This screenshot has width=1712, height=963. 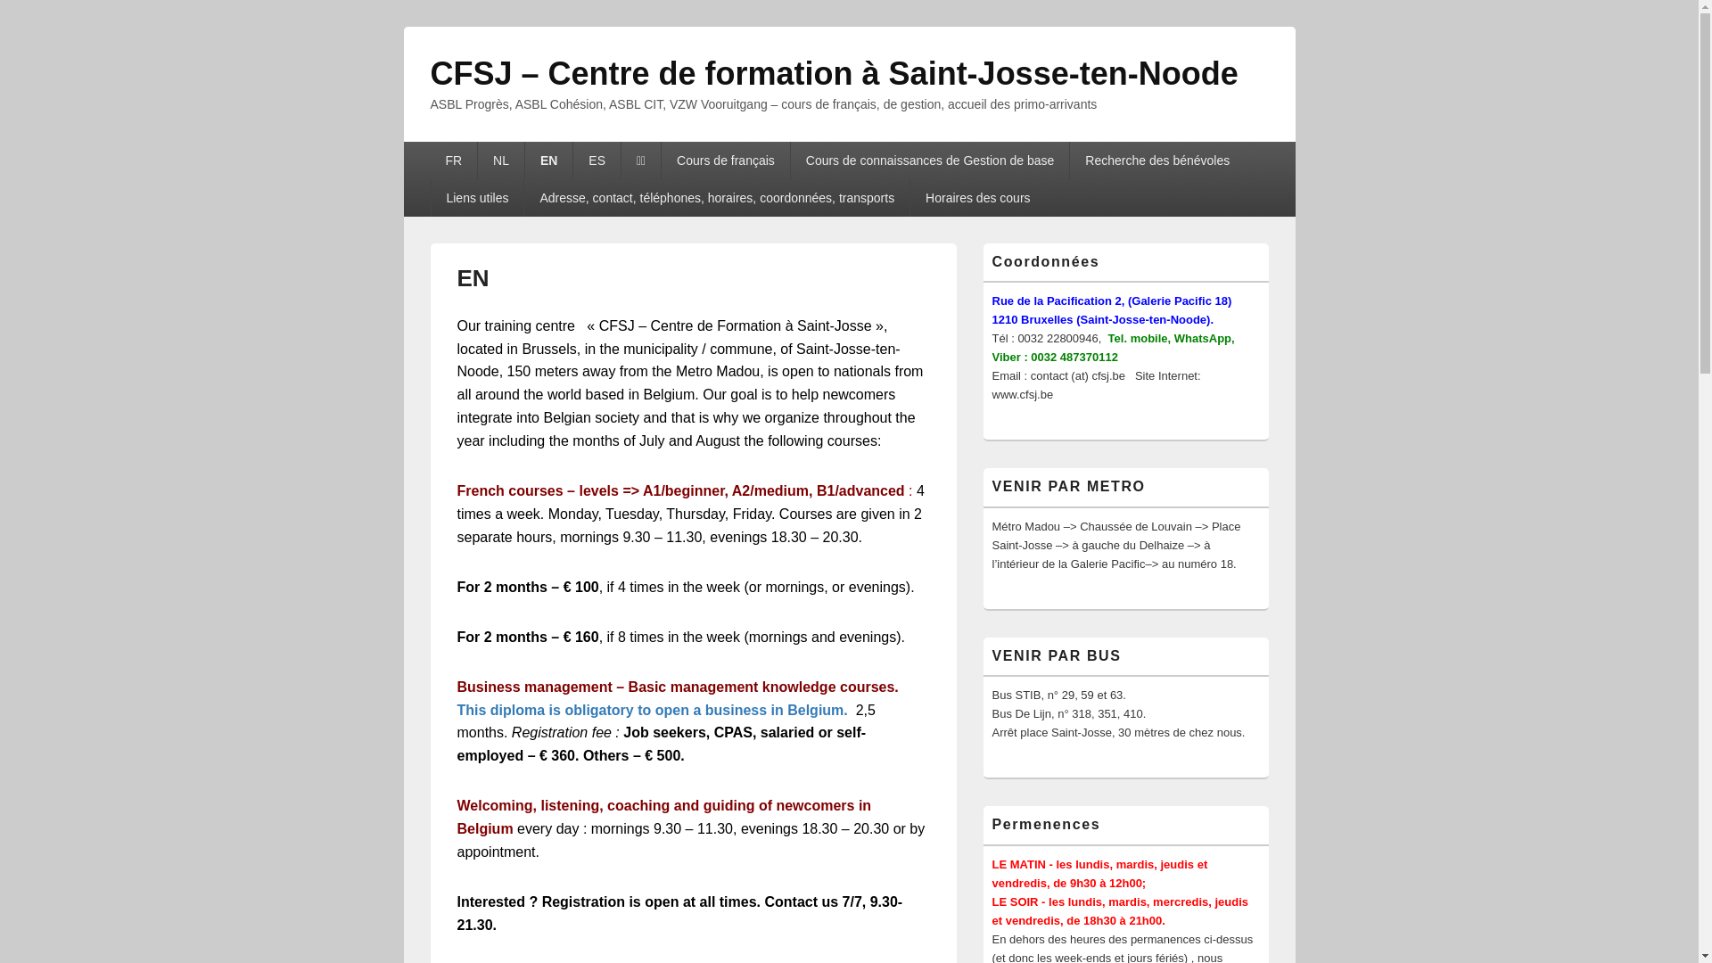 What do you see at coordinates (478, 198) in the screenshot?
I see `'Liens utiles'` at bounding box center [478, 198].